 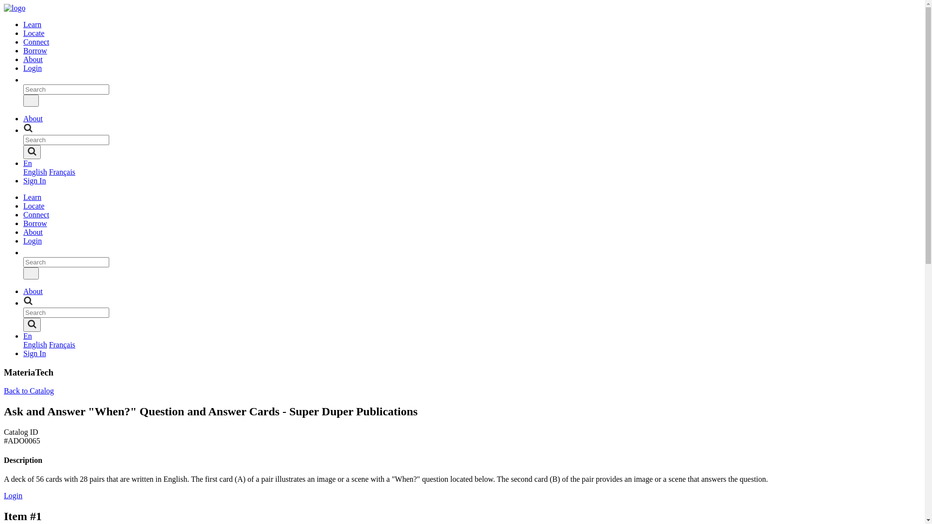 What do you see at coordinates (23, 59) in the screenshot?
I see `'About'` at bounding box center [23, 59].